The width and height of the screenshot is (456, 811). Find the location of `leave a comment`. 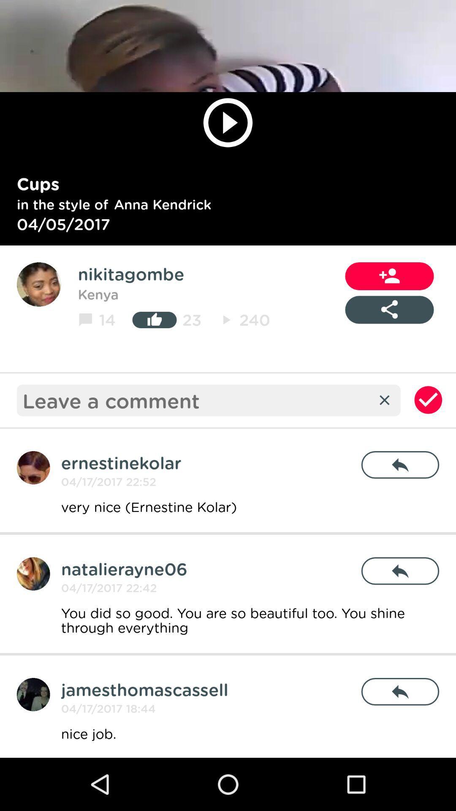

leave a comment is located at coordinates (196, 400).